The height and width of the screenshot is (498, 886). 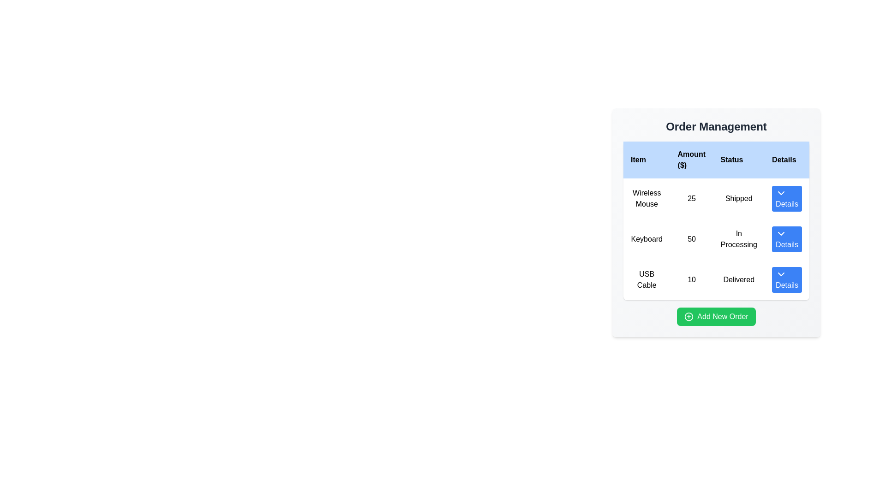 I want to click on the rectangular button with a blue background and white text reading 'Details', located in the 'Details' column of the first row for the 'Wireless Mouse' item, so click(x=786, y=198).